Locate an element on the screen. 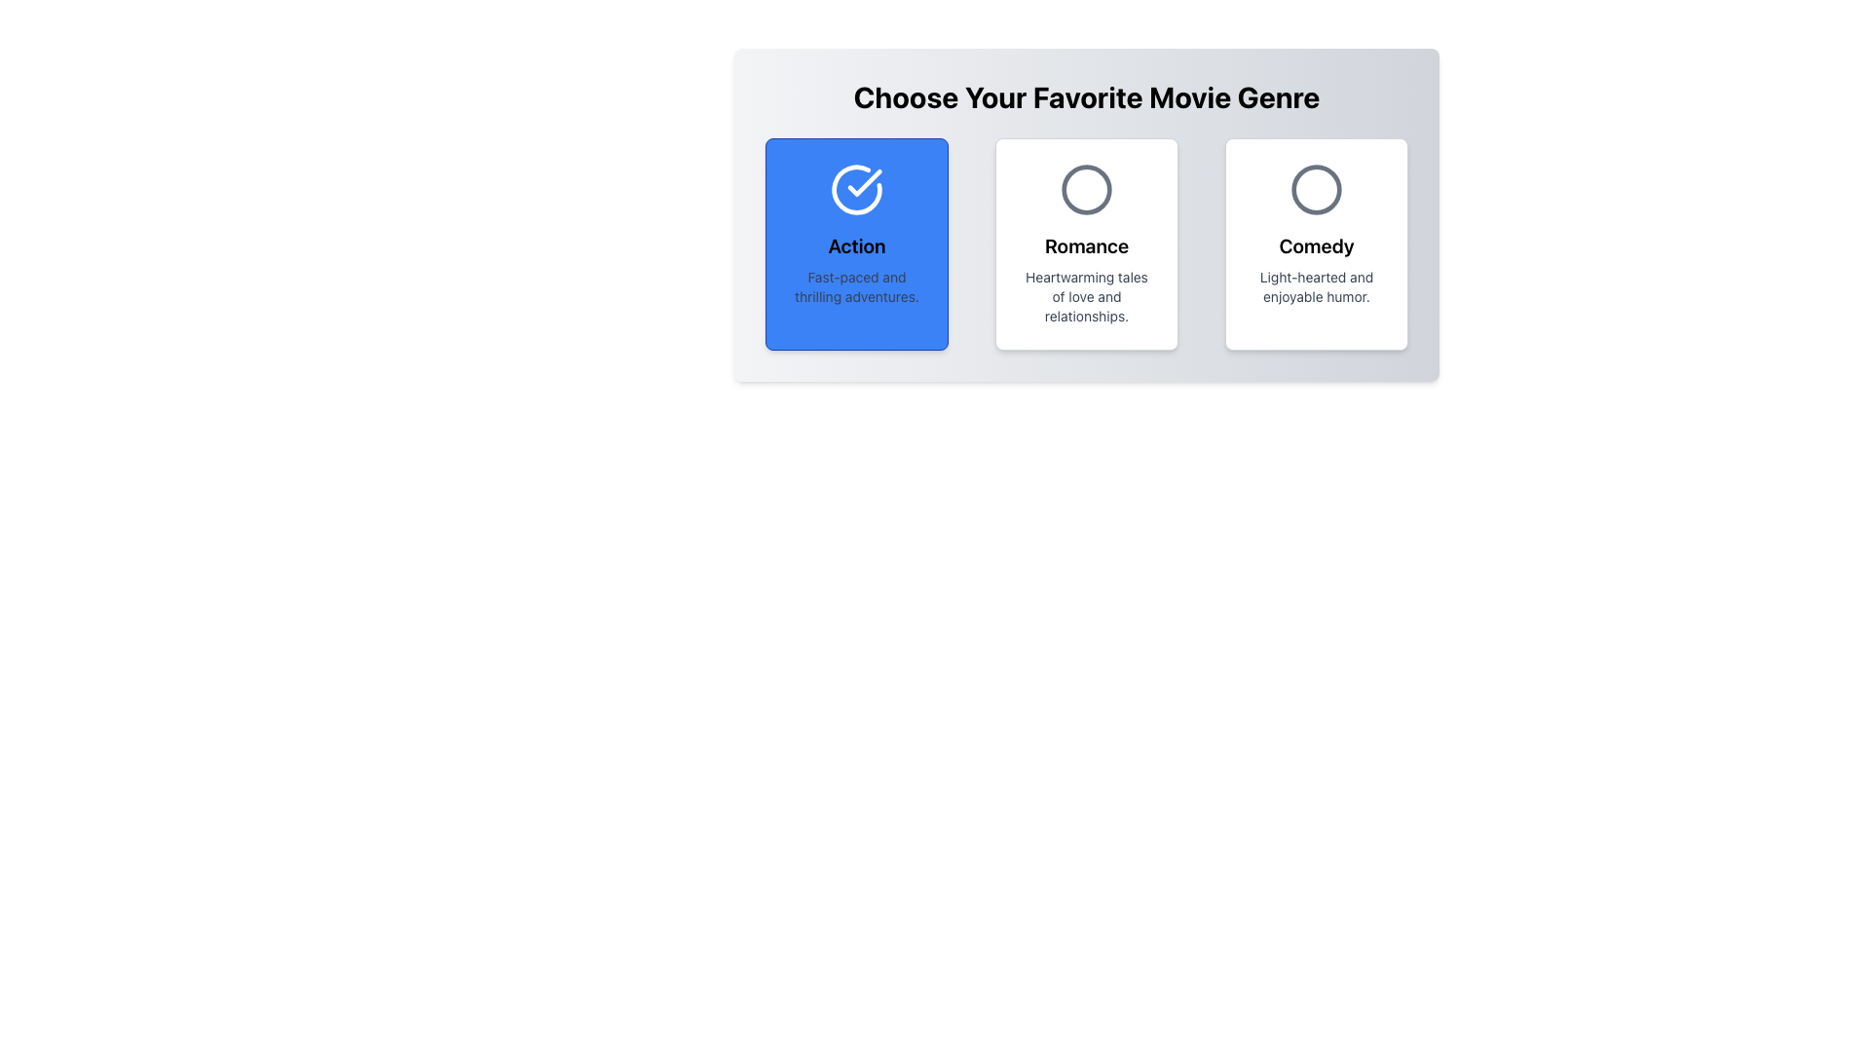 This screenshot has height=1052, width=1870. the outlined check symbol tick mark located in the upper section of the circular icon within the 'Action' card, which describes 'Fast-paced and thrilling adventures.' is located at coordinates (864, 183).